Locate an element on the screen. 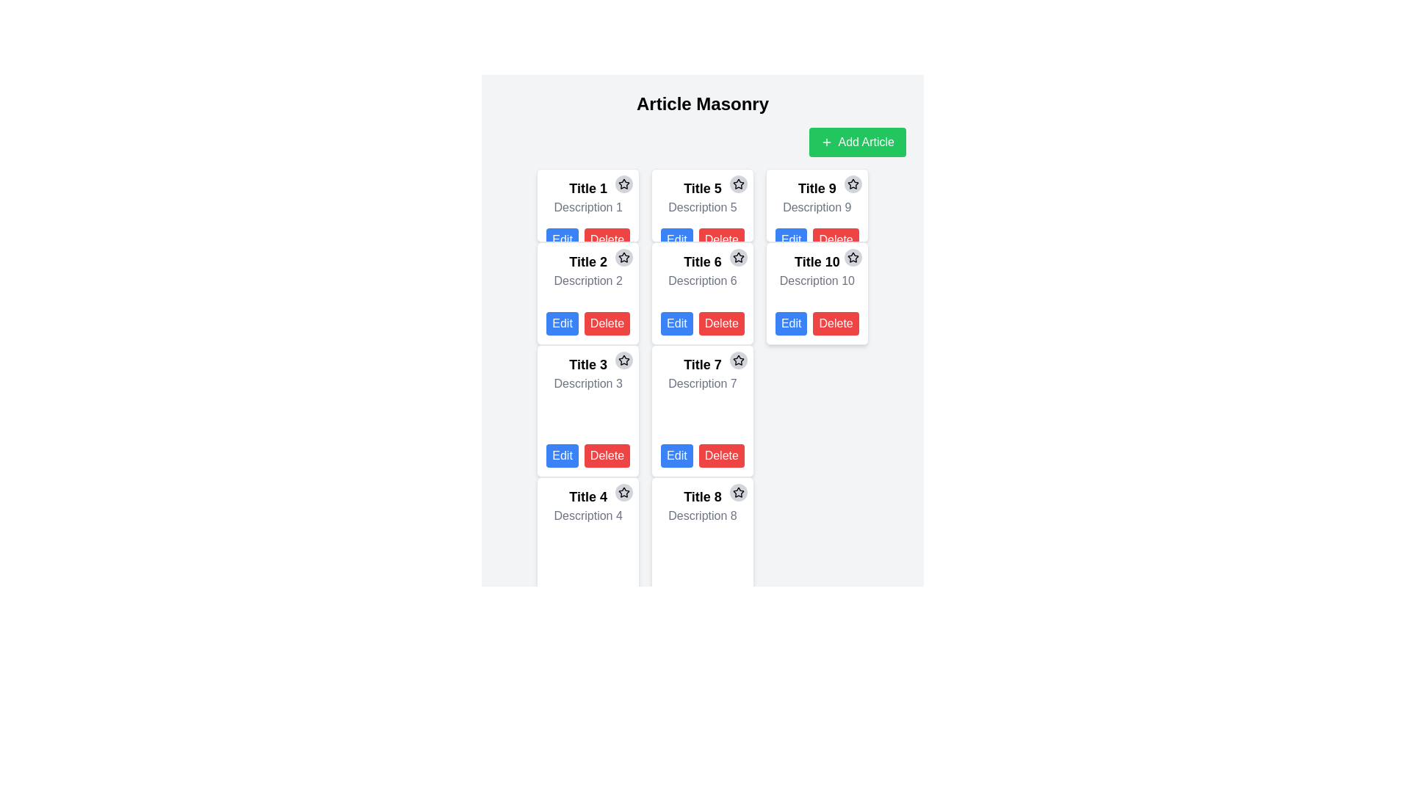  the text label displaying 'Description 2' which is styled in gray color and located between the 'Title 2' heading and the action buttons in the card component is located at coordinates (588, 286).